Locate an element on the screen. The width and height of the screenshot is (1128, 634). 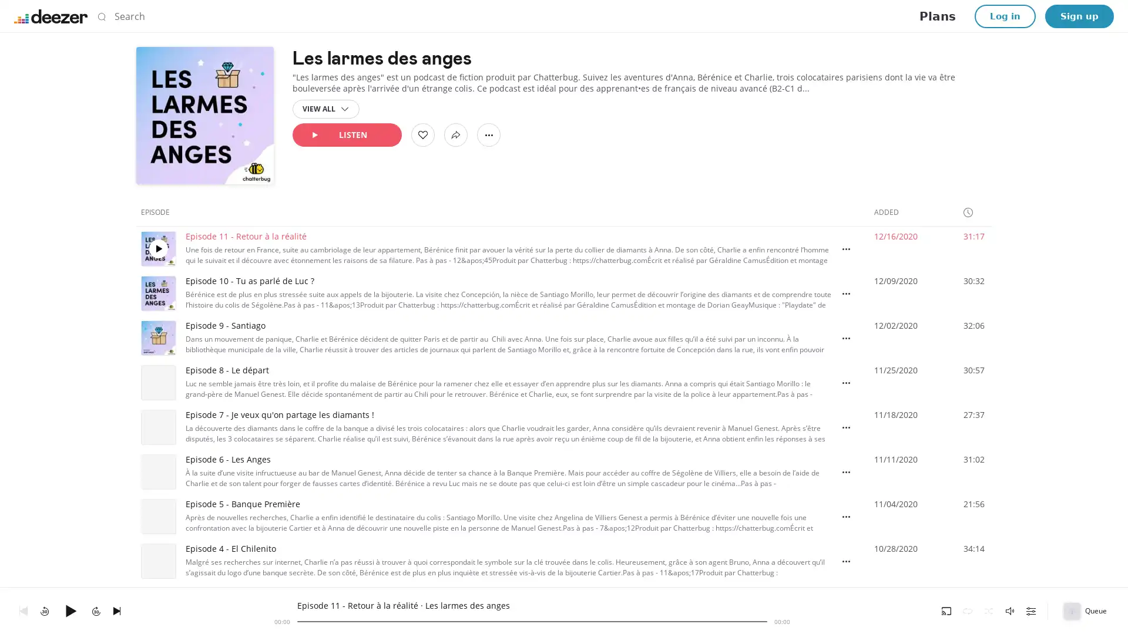
EPISODE is located at coordinates (160, 212).